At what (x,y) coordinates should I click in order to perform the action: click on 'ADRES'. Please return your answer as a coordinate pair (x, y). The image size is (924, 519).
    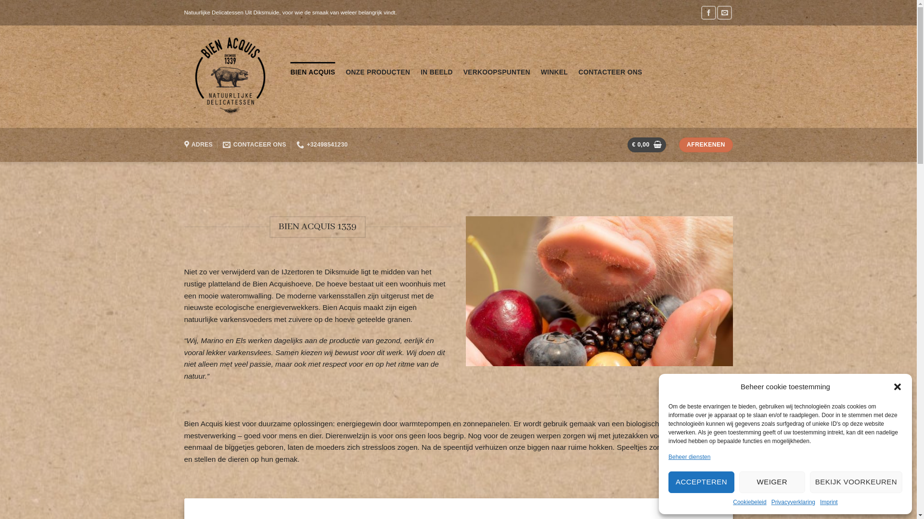
    Looking at the image, I should click on (197, 145).